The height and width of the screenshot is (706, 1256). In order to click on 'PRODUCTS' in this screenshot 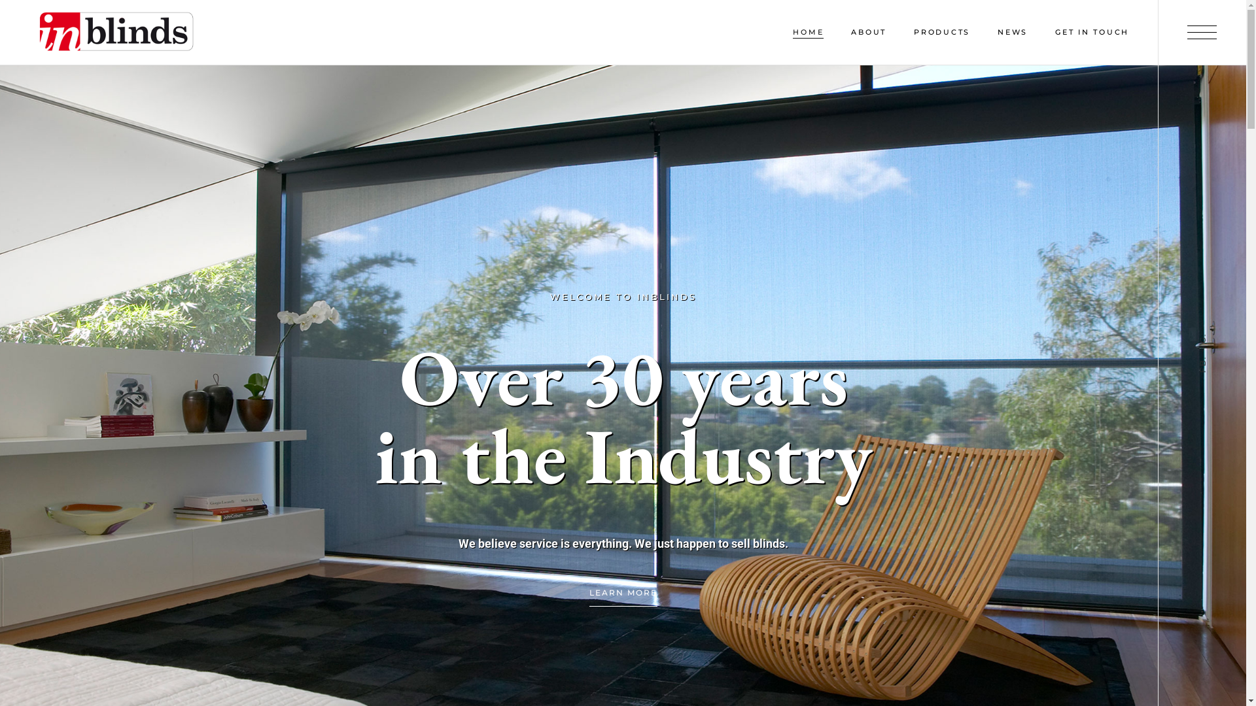, I will do `click(913, 31)`.